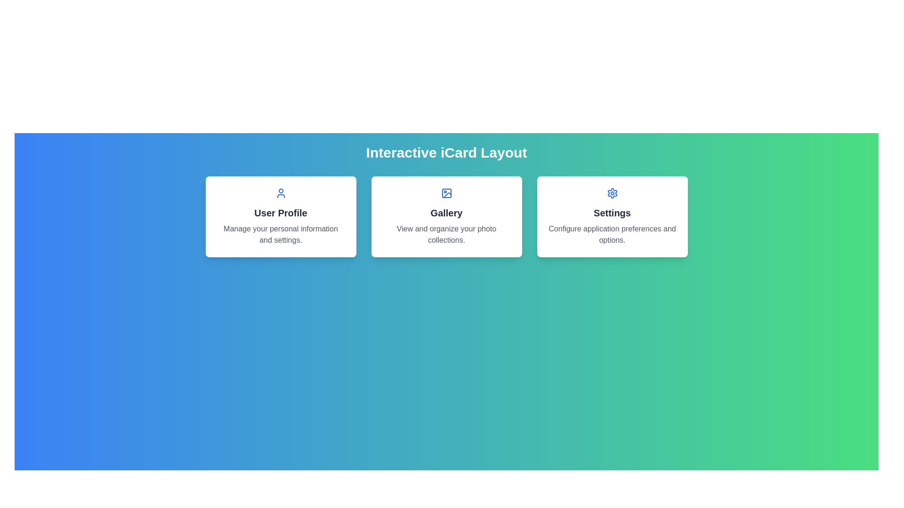 The width and height of the screenshot is (904, 508). What do you see at coordinates (446, 193) in the screenshot?
I see `the gallery icon located in the second card labeled 'Gallery', positioned between the 'User Profile' and 'Settings' cards` at bounding box center [446, 193].